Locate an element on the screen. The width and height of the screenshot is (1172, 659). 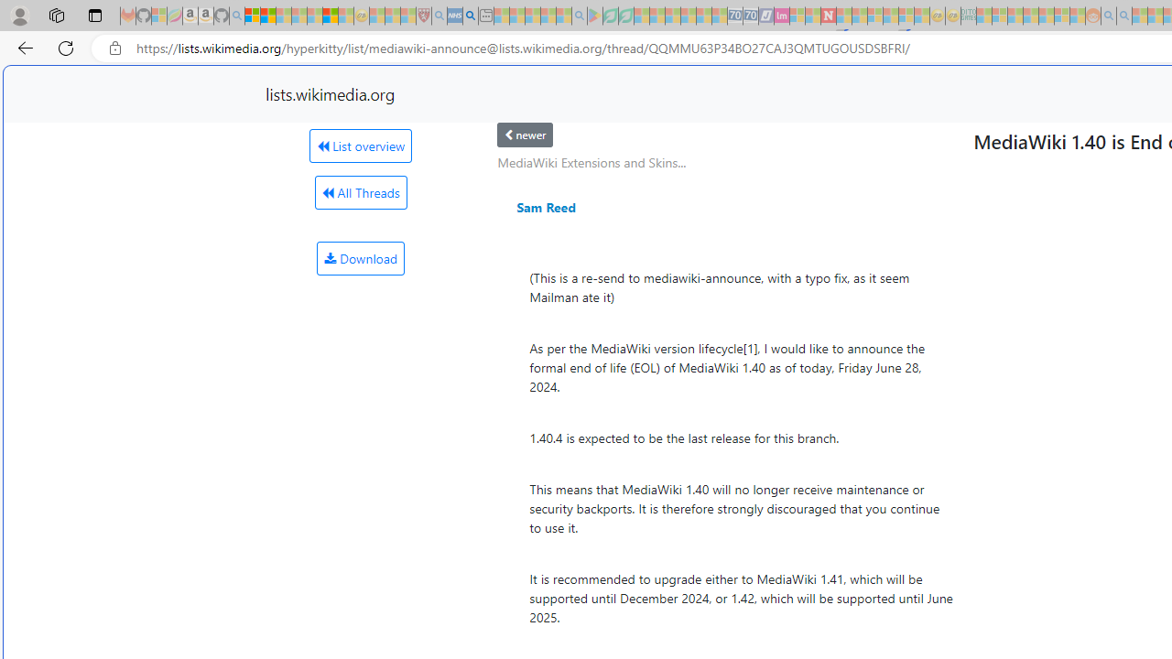
'Local - MSN - Sleeping' is located at coordinates (407, 16).